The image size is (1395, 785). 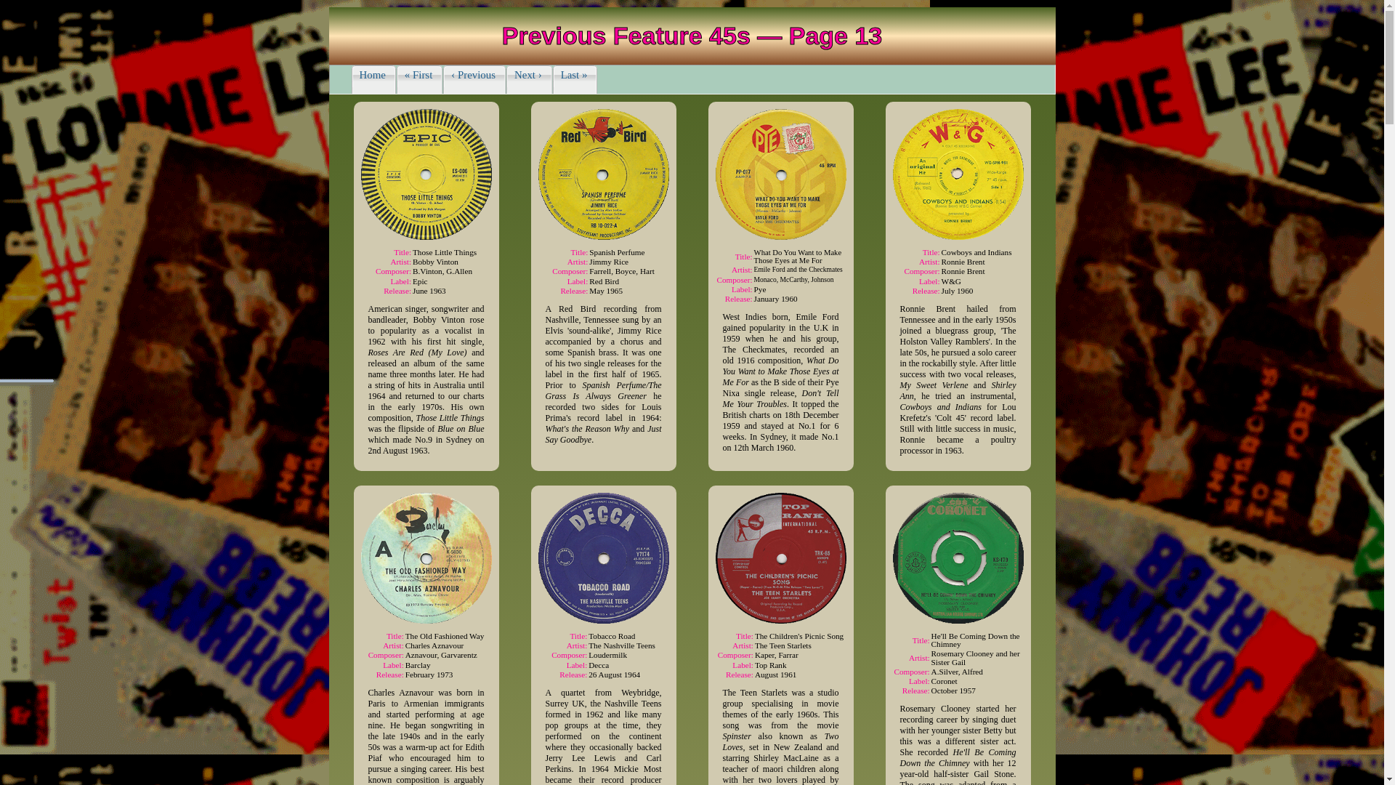 I want to click on 'Home', so click(x=373, y=79).